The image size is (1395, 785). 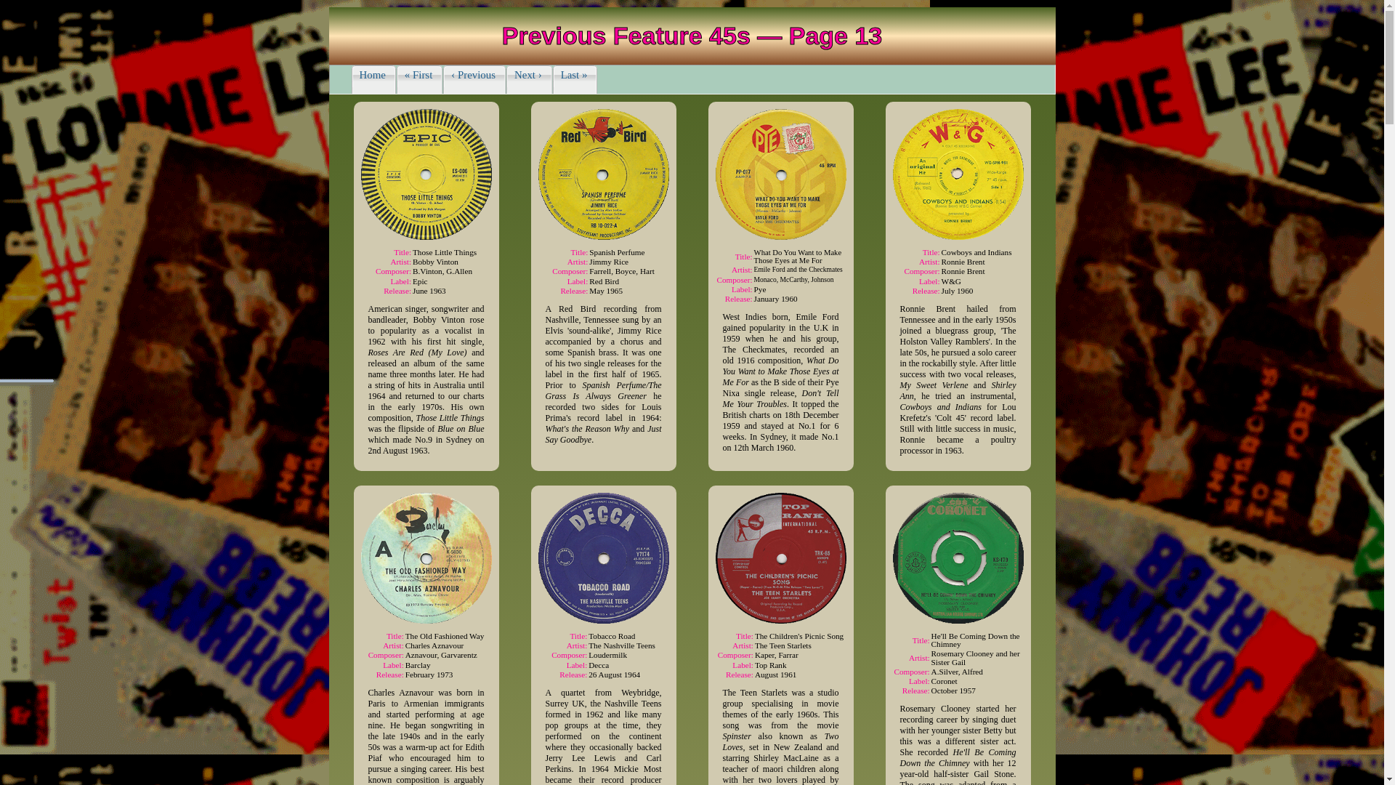 I want to click on 'Home', so click(x=373, y=79).